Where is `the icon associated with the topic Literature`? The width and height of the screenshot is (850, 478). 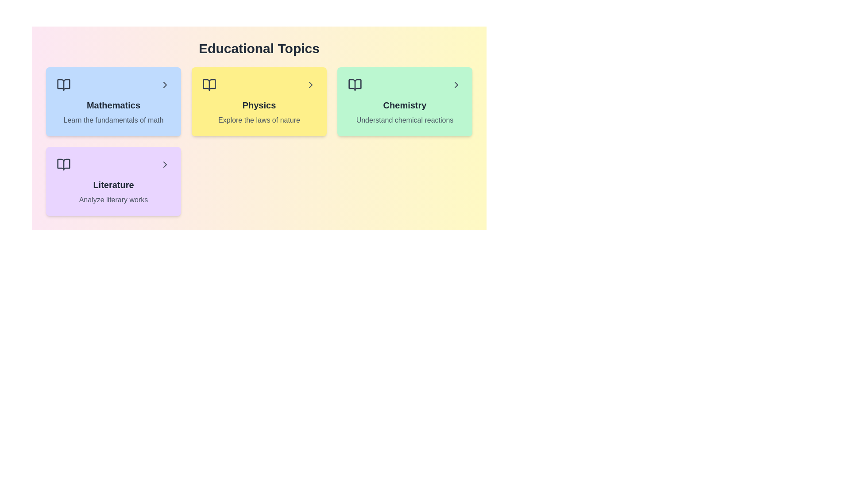 the icon associated with the topic Literature is located at coordinates (63, 164).